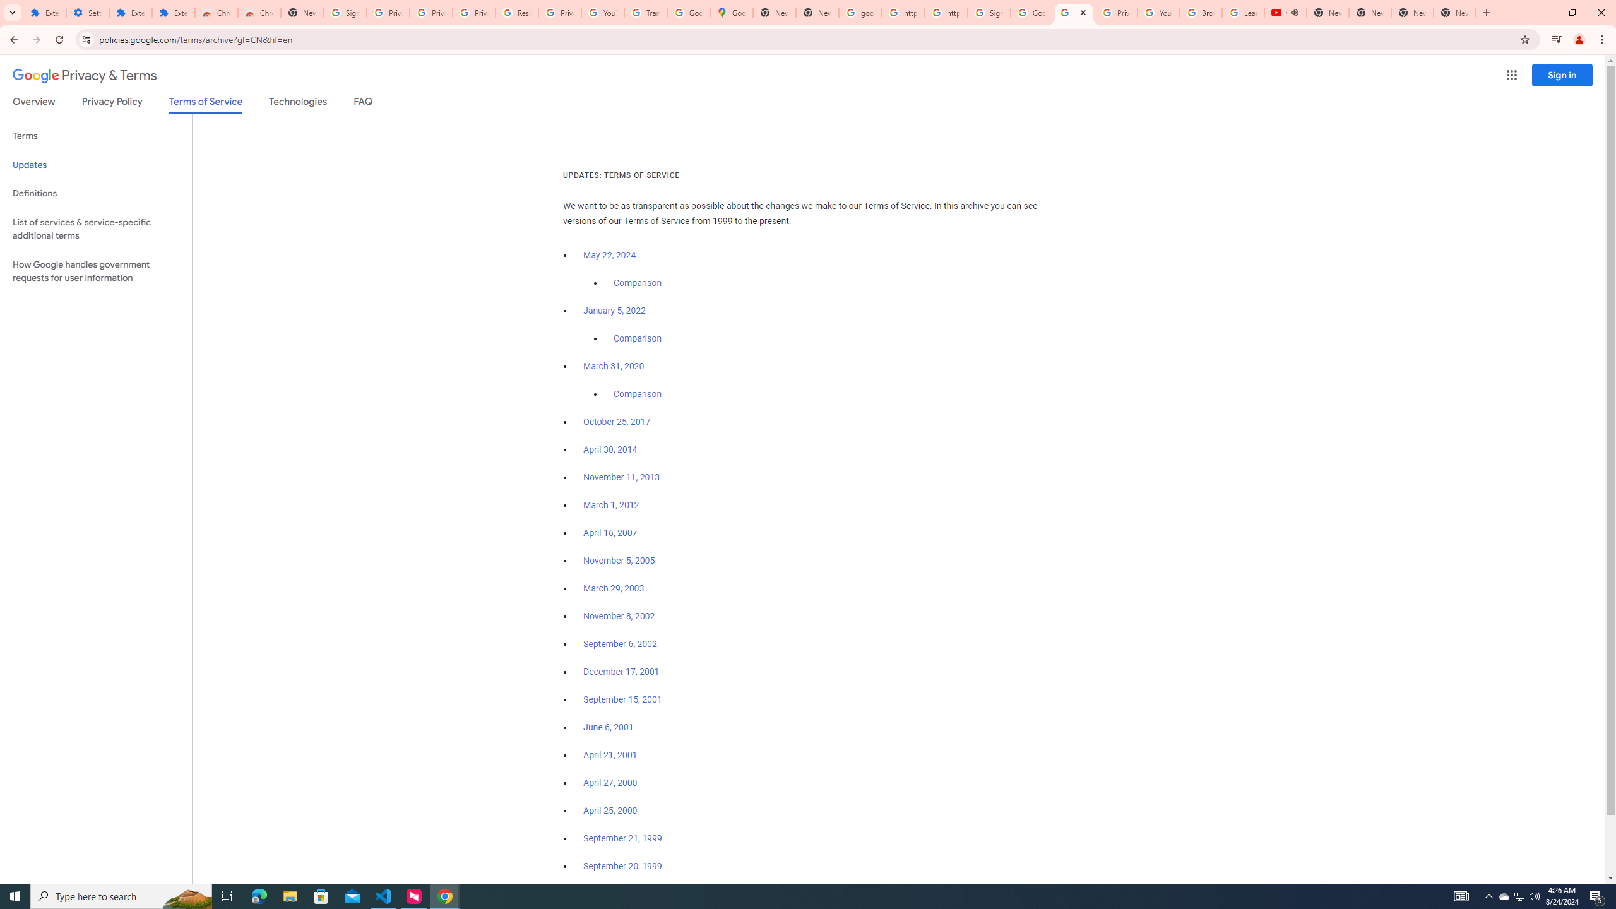 The image size is (1616, 909). Describe the element at coordinates (618, 616) in the screenshot. I see `'November 8, 2002'` at that location.